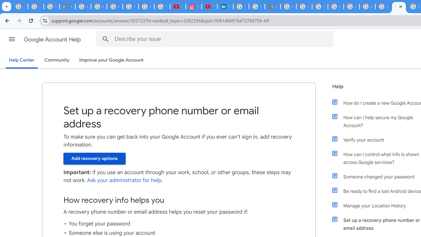 This screenshot has height=237, width=421. I want to click on 'Search Help Center', so click(105, 39).